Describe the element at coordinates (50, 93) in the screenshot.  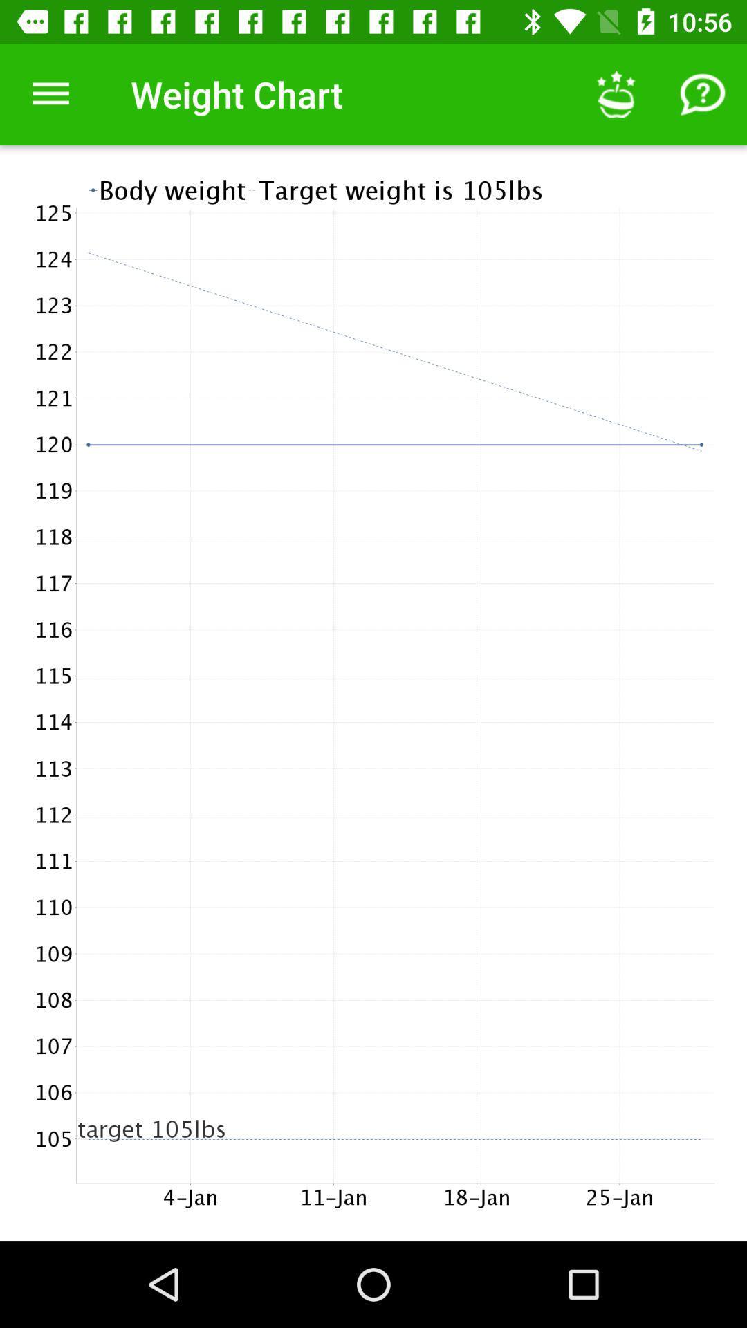
I see `item next to the weight chart icon` at that location.